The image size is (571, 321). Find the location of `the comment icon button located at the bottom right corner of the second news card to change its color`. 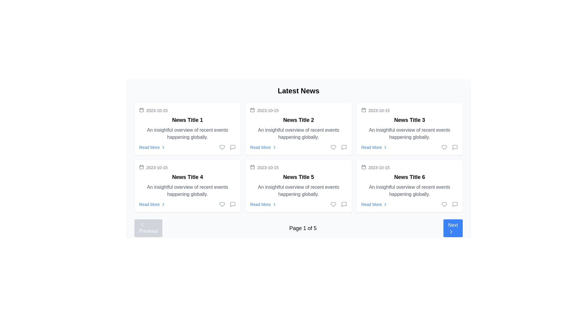

the comment icon button located at the bottom right corner of the second news card to change its color is located at coordinates (344, 147).